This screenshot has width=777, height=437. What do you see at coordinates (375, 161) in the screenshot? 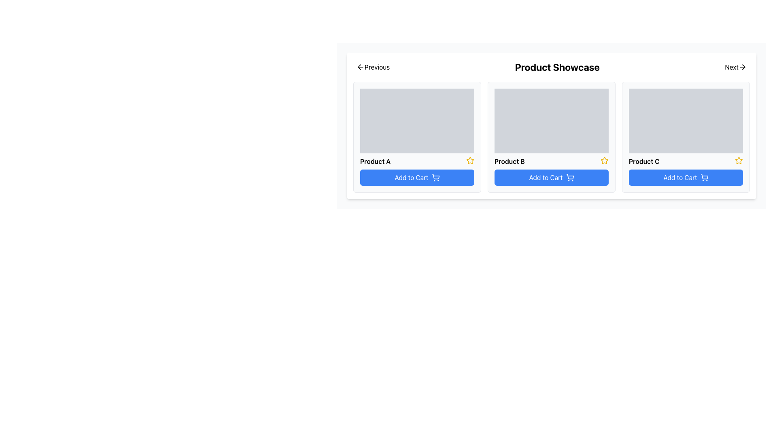
I see `text 'Product A' from the title label of the first product card in the horizontally aligned product showcase list, located under the placeholder image and above the 'Add to Cart' button` at bounding box center [375, 161].